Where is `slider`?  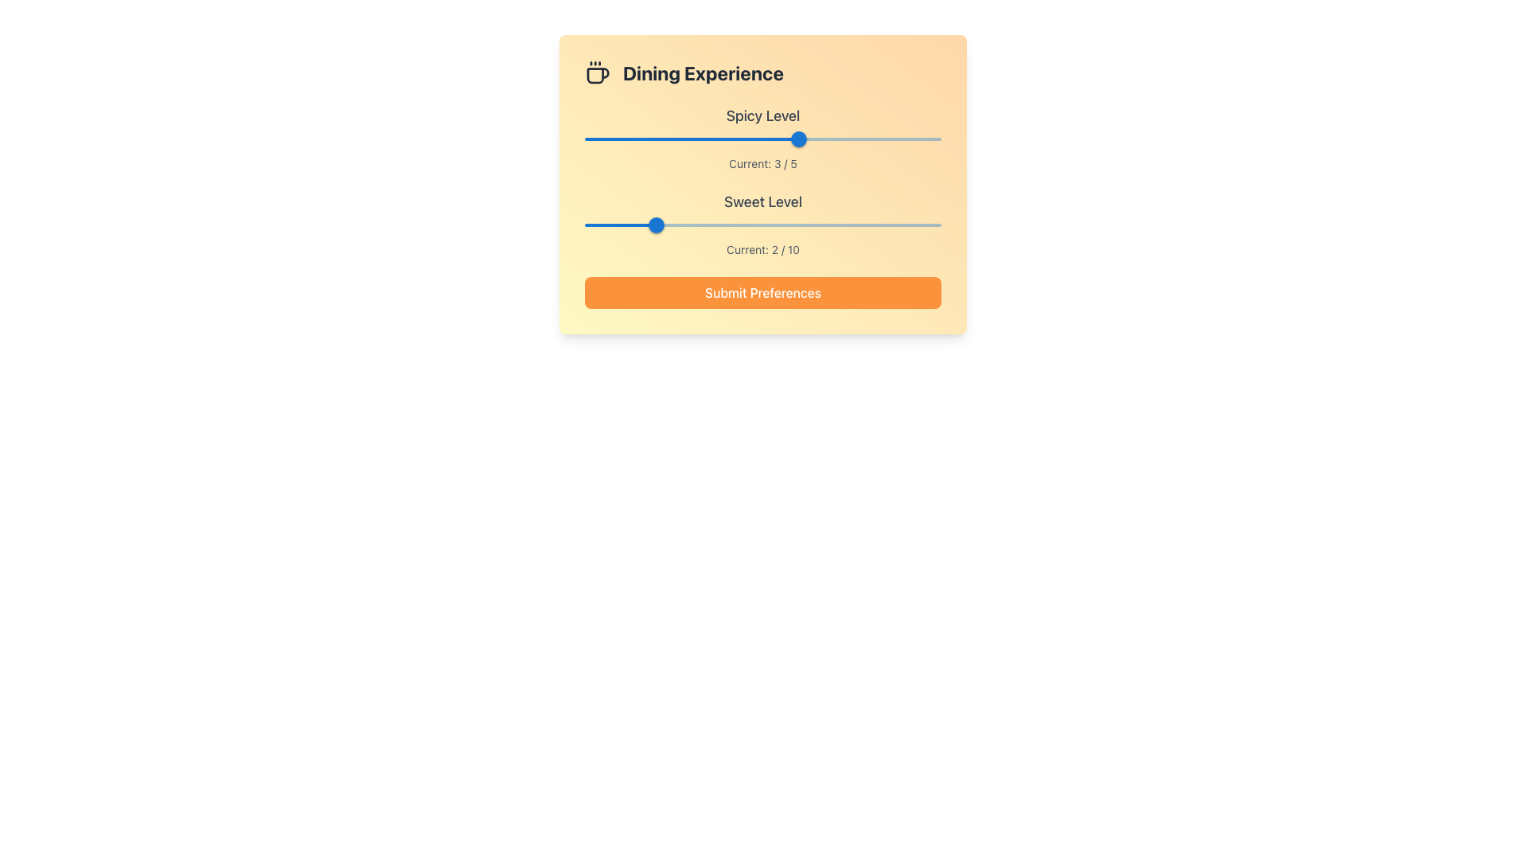
slider is located at coordinates (649, 225).